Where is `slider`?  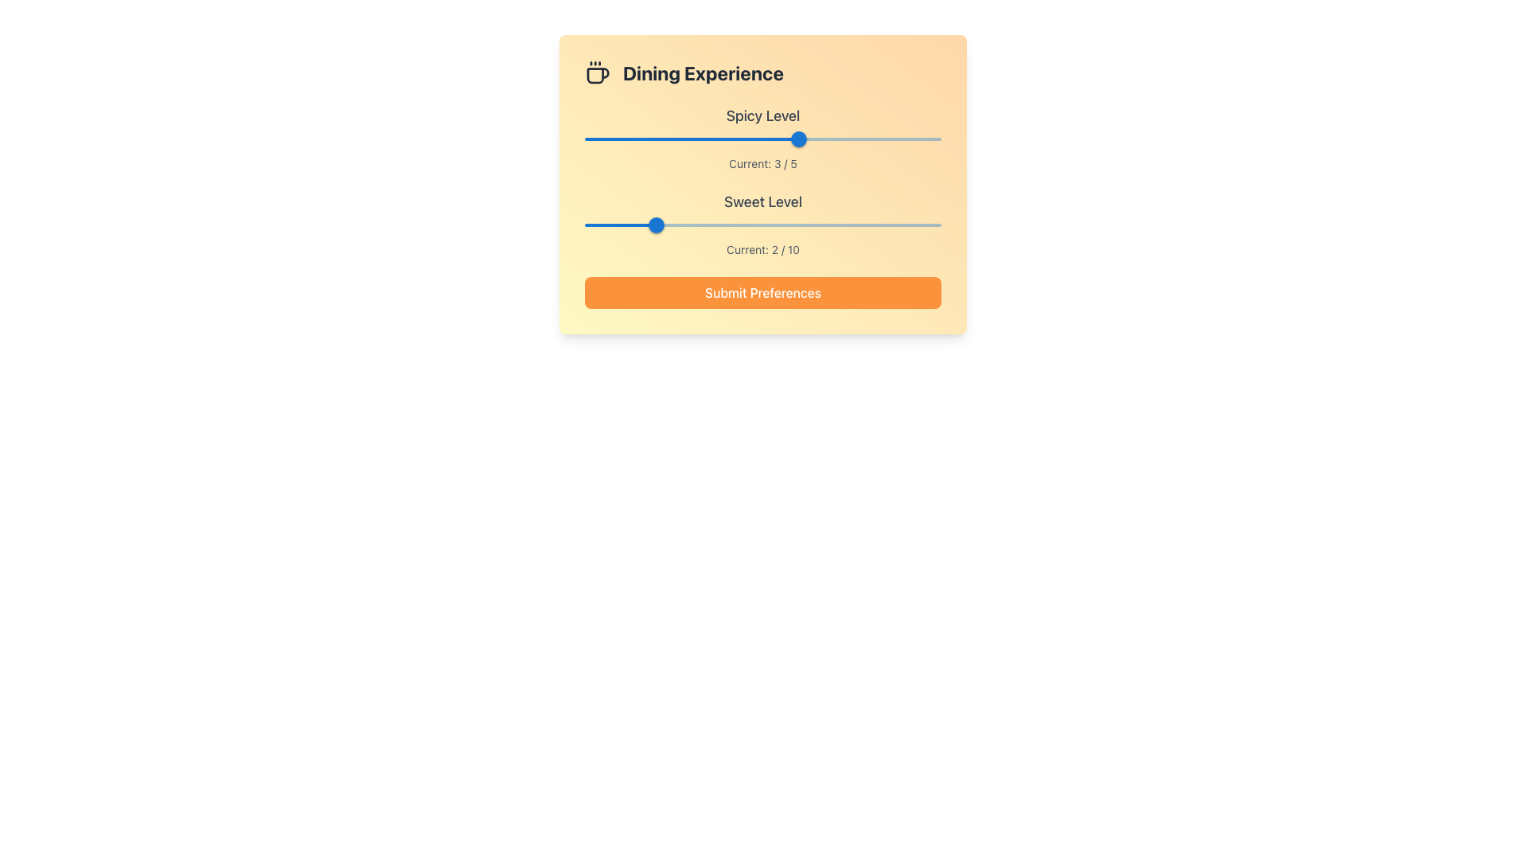
slider is located at coordinates (649, 225).